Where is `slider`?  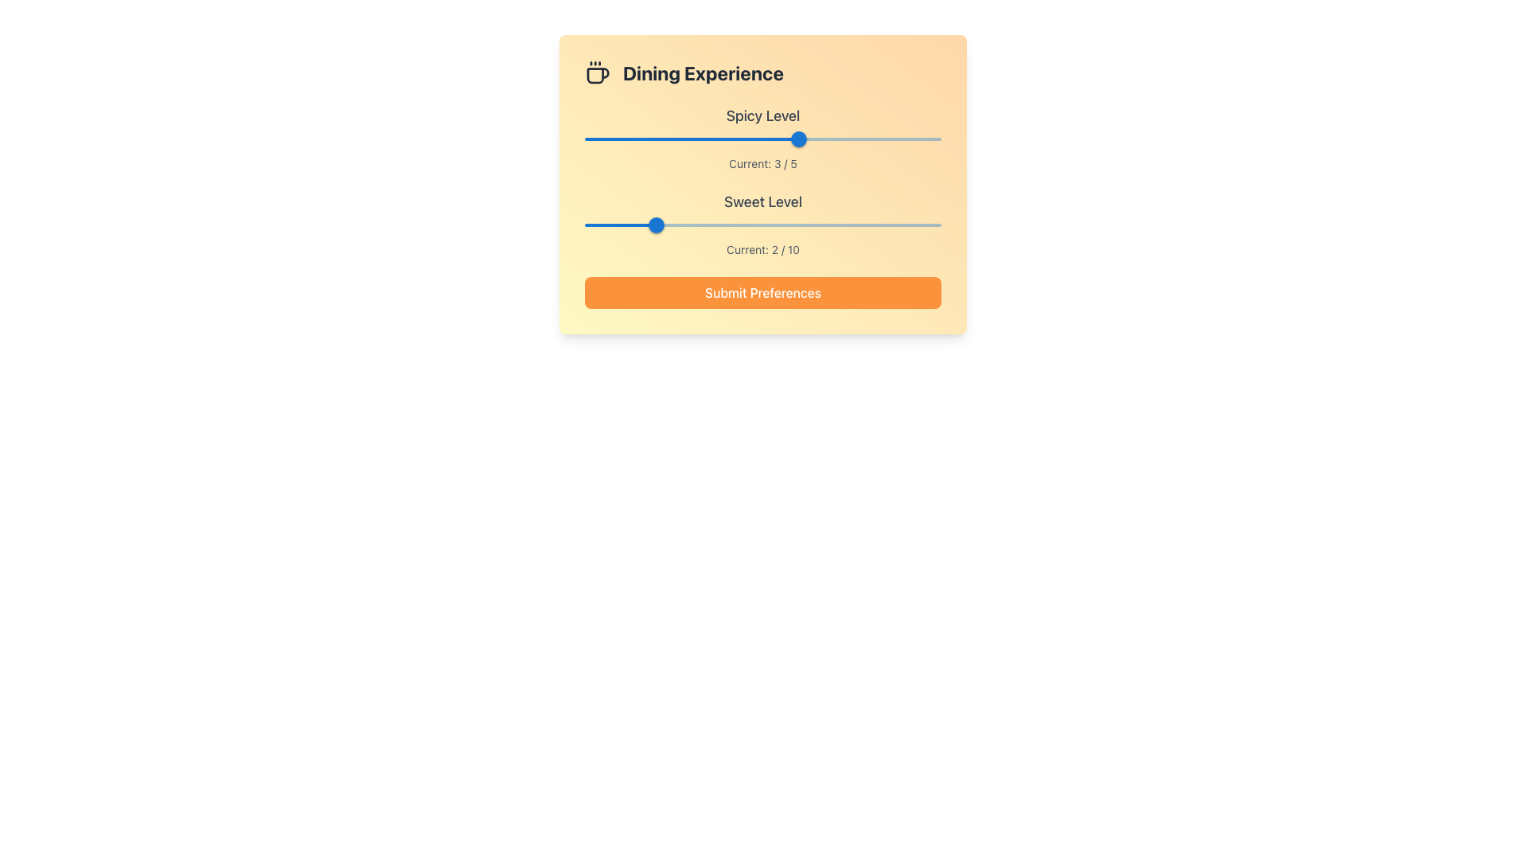
slider is located at coordinates (649, 225).